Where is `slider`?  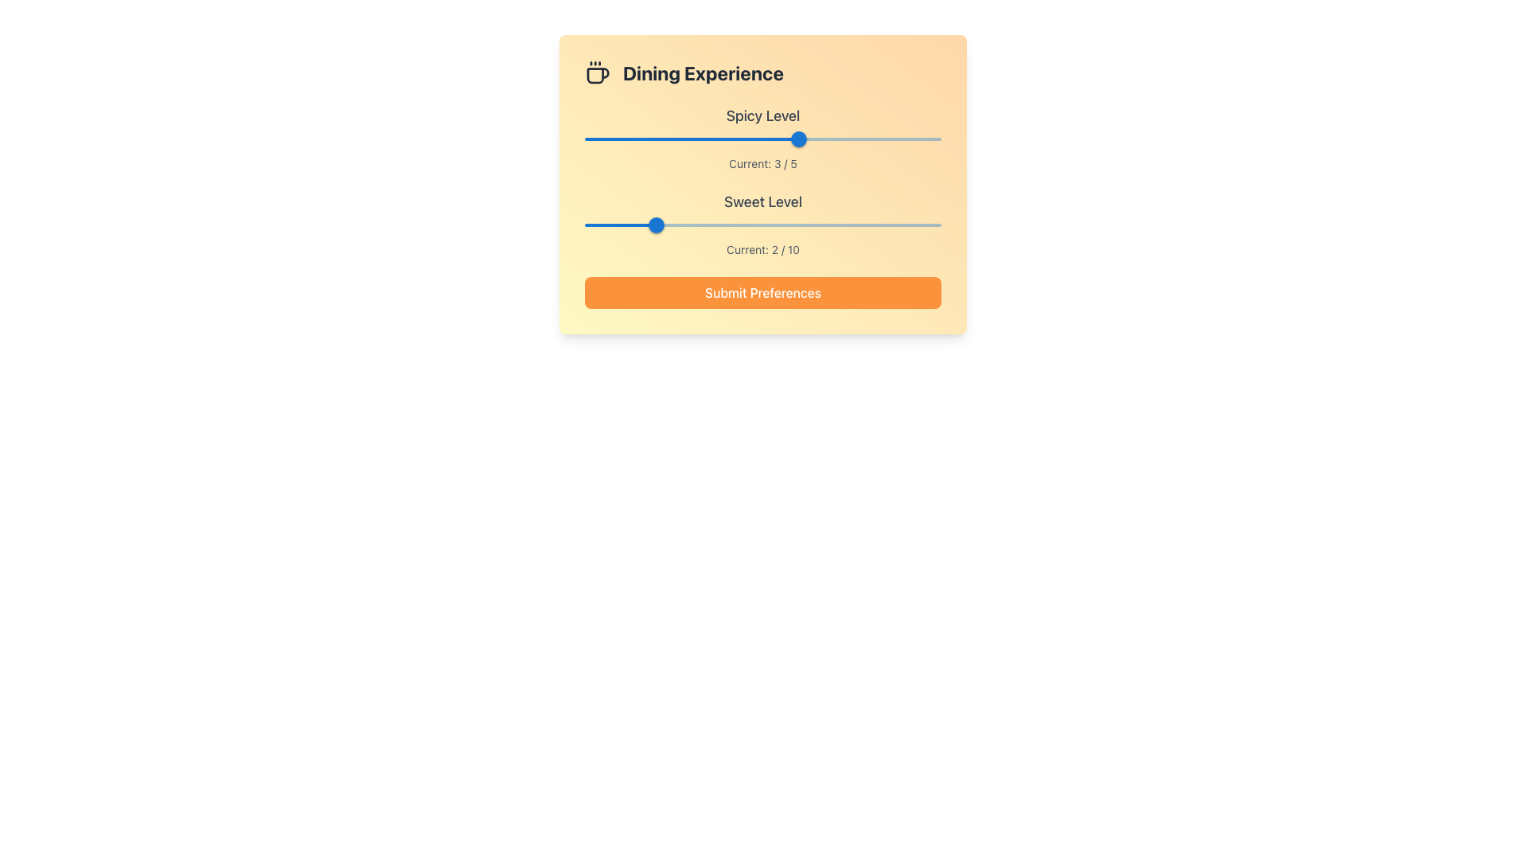
slider is located at coordinates (649, 225).